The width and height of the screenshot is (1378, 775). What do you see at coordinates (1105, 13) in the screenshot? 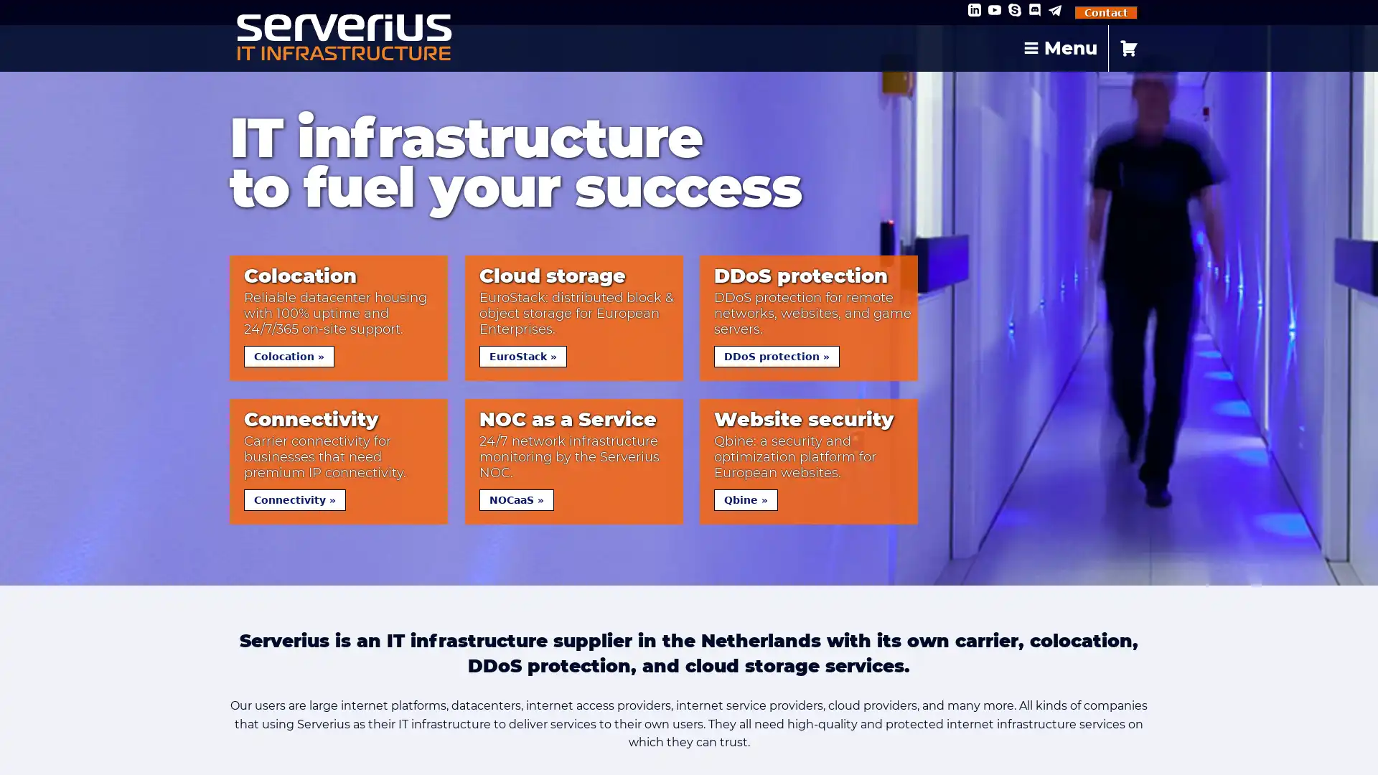
I see `Contact` at bounding box center [1105, 13].